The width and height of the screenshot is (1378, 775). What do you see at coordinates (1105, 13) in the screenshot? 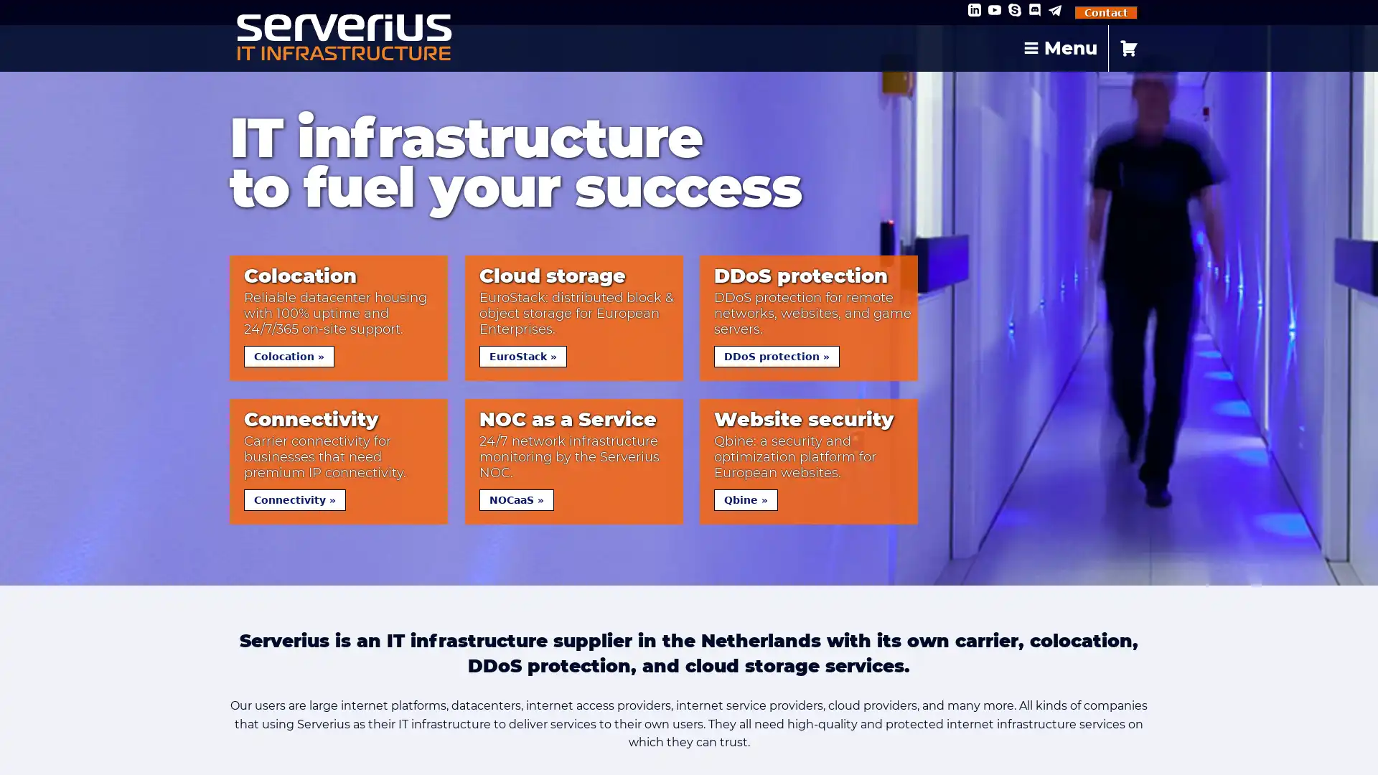
I see `Contact` at bounding box center [1105, 13].